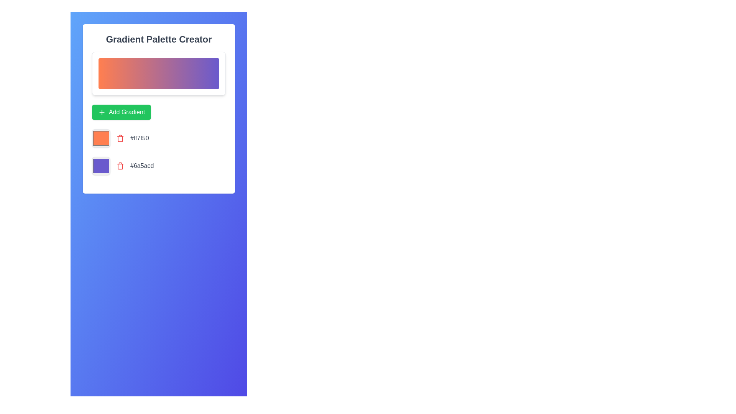 This screenshot has width=736, height=414. What do you see at coordinates (120, 138) in the screenshot?
I see `the delete button for the color palette entry associated with the color '#ff7f50'` at bounding box center [120, 138].